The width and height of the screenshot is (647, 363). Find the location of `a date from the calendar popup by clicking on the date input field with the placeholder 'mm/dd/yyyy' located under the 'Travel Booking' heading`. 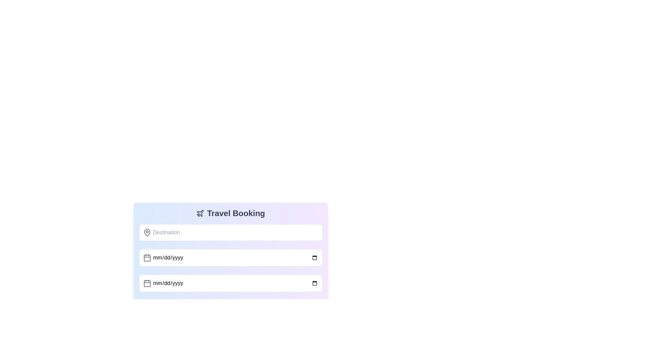

a date from the calendar popup by clicking on the date input field with the placeholder 'mm/dd/yyyy' located under the 'Travel Booking' heading is located at coordinates (230, 283).